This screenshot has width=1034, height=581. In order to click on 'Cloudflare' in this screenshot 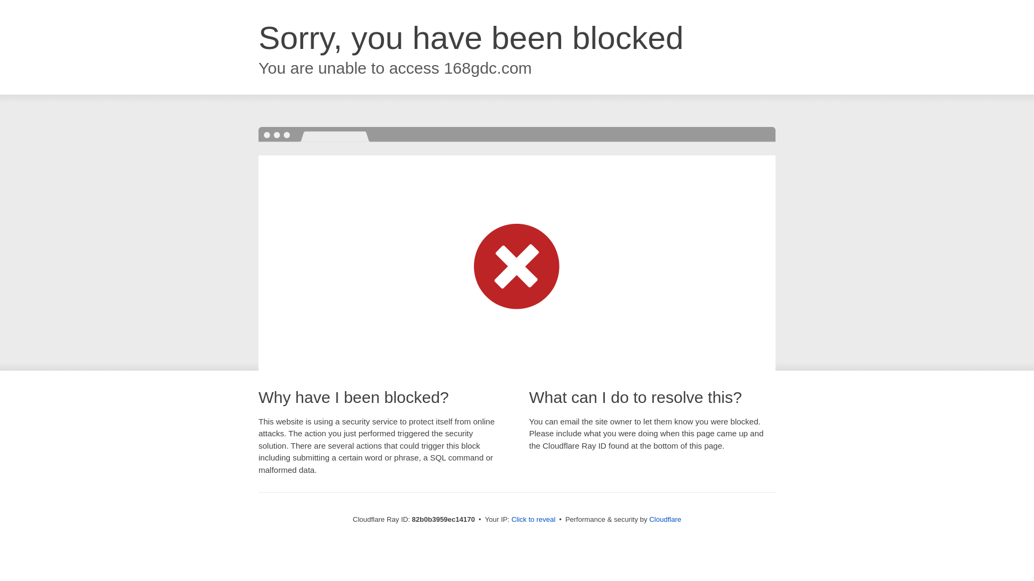, I will do `click(665, 519)`.